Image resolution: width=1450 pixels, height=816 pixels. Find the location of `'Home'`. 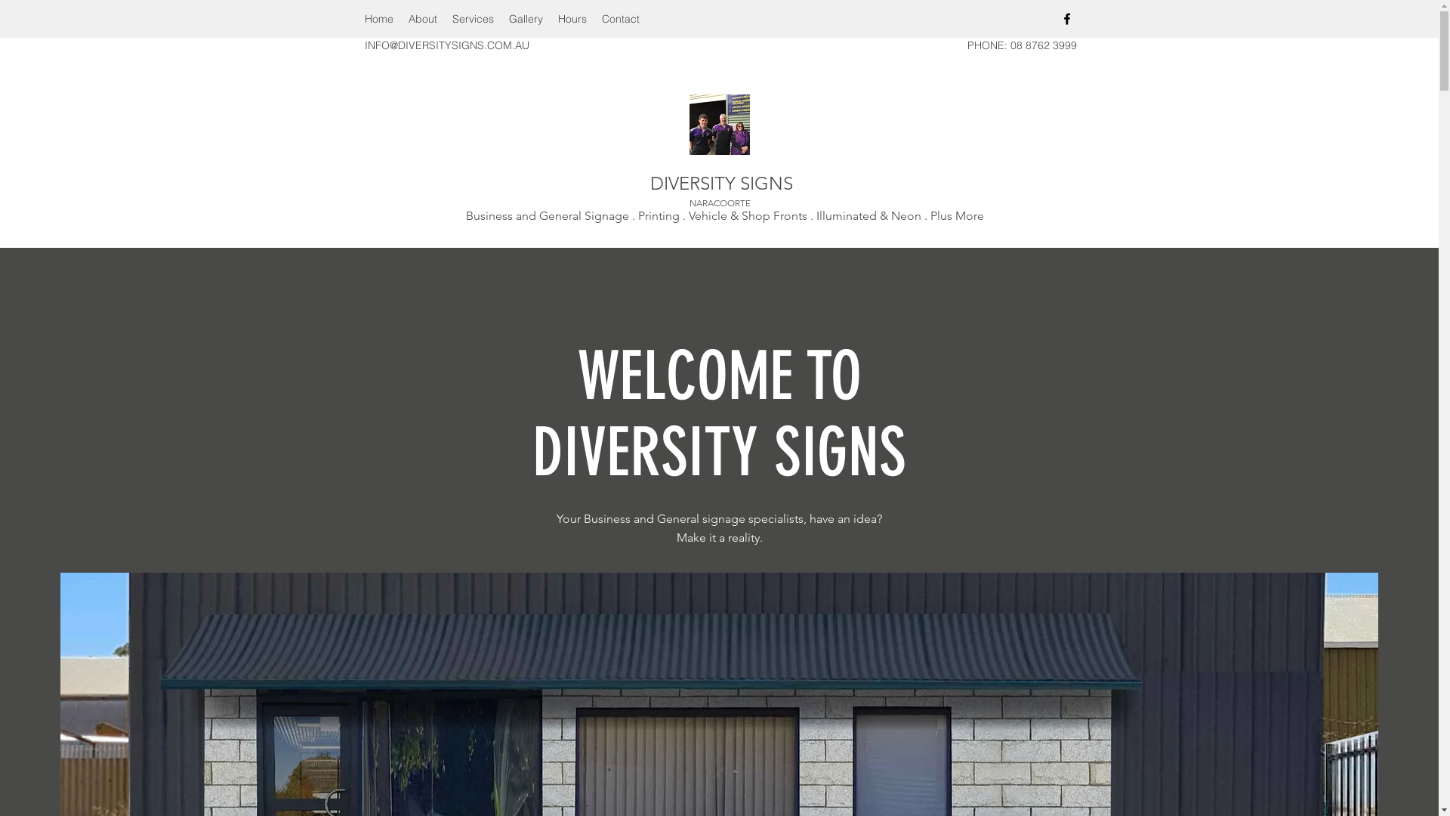

'Home' is located at coordinates (355, 18).